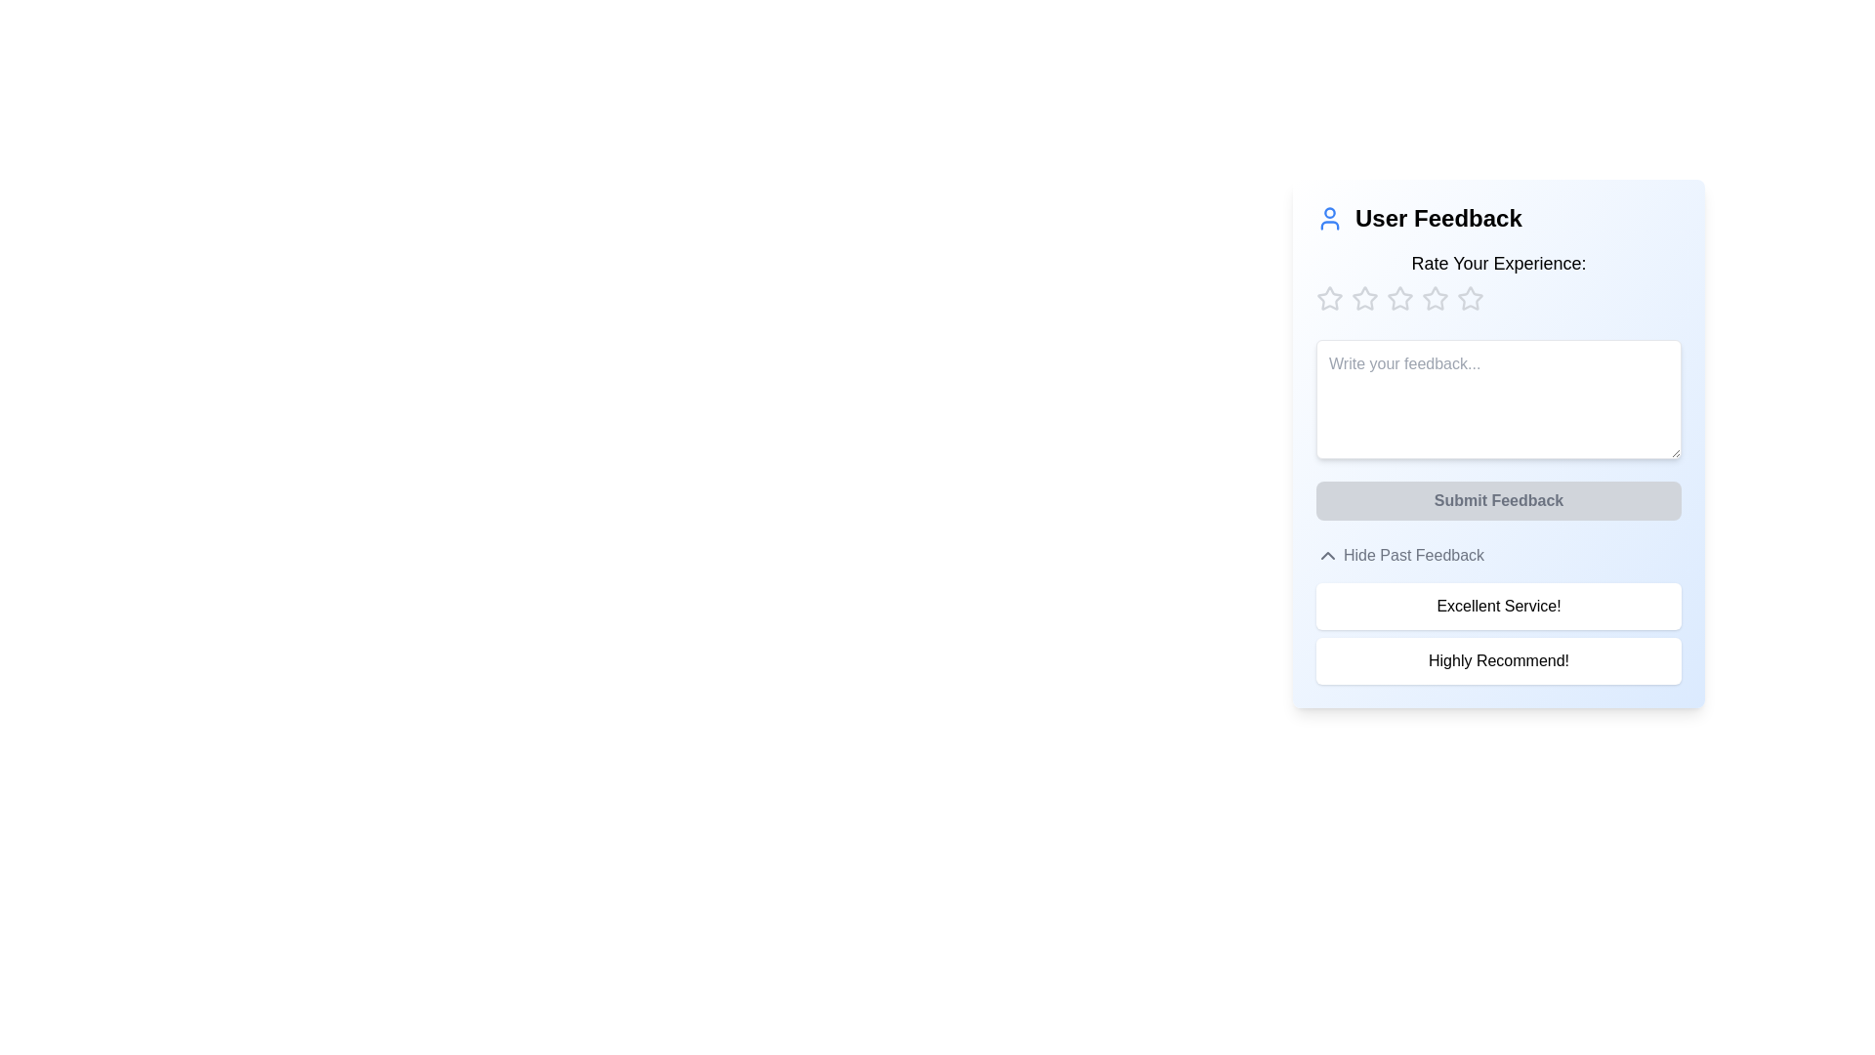  Describe the element at coordinates (1329, 225) in the screenshot. I see `the curved line resembling the bottom half of a smaller circle within the SVG icon structure located in the top-left corner of the user feedback interface` at that location.